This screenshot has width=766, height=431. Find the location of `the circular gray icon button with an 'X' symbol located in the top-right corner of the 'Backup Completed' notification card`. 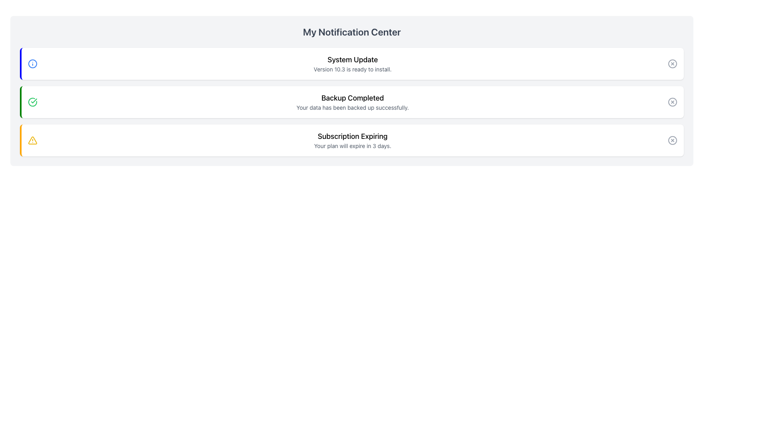

the circular gray icon button with an 'X' symbol located in the top-right corner of the 'Backup Completed' notification card is located at coordinates (672, 101).